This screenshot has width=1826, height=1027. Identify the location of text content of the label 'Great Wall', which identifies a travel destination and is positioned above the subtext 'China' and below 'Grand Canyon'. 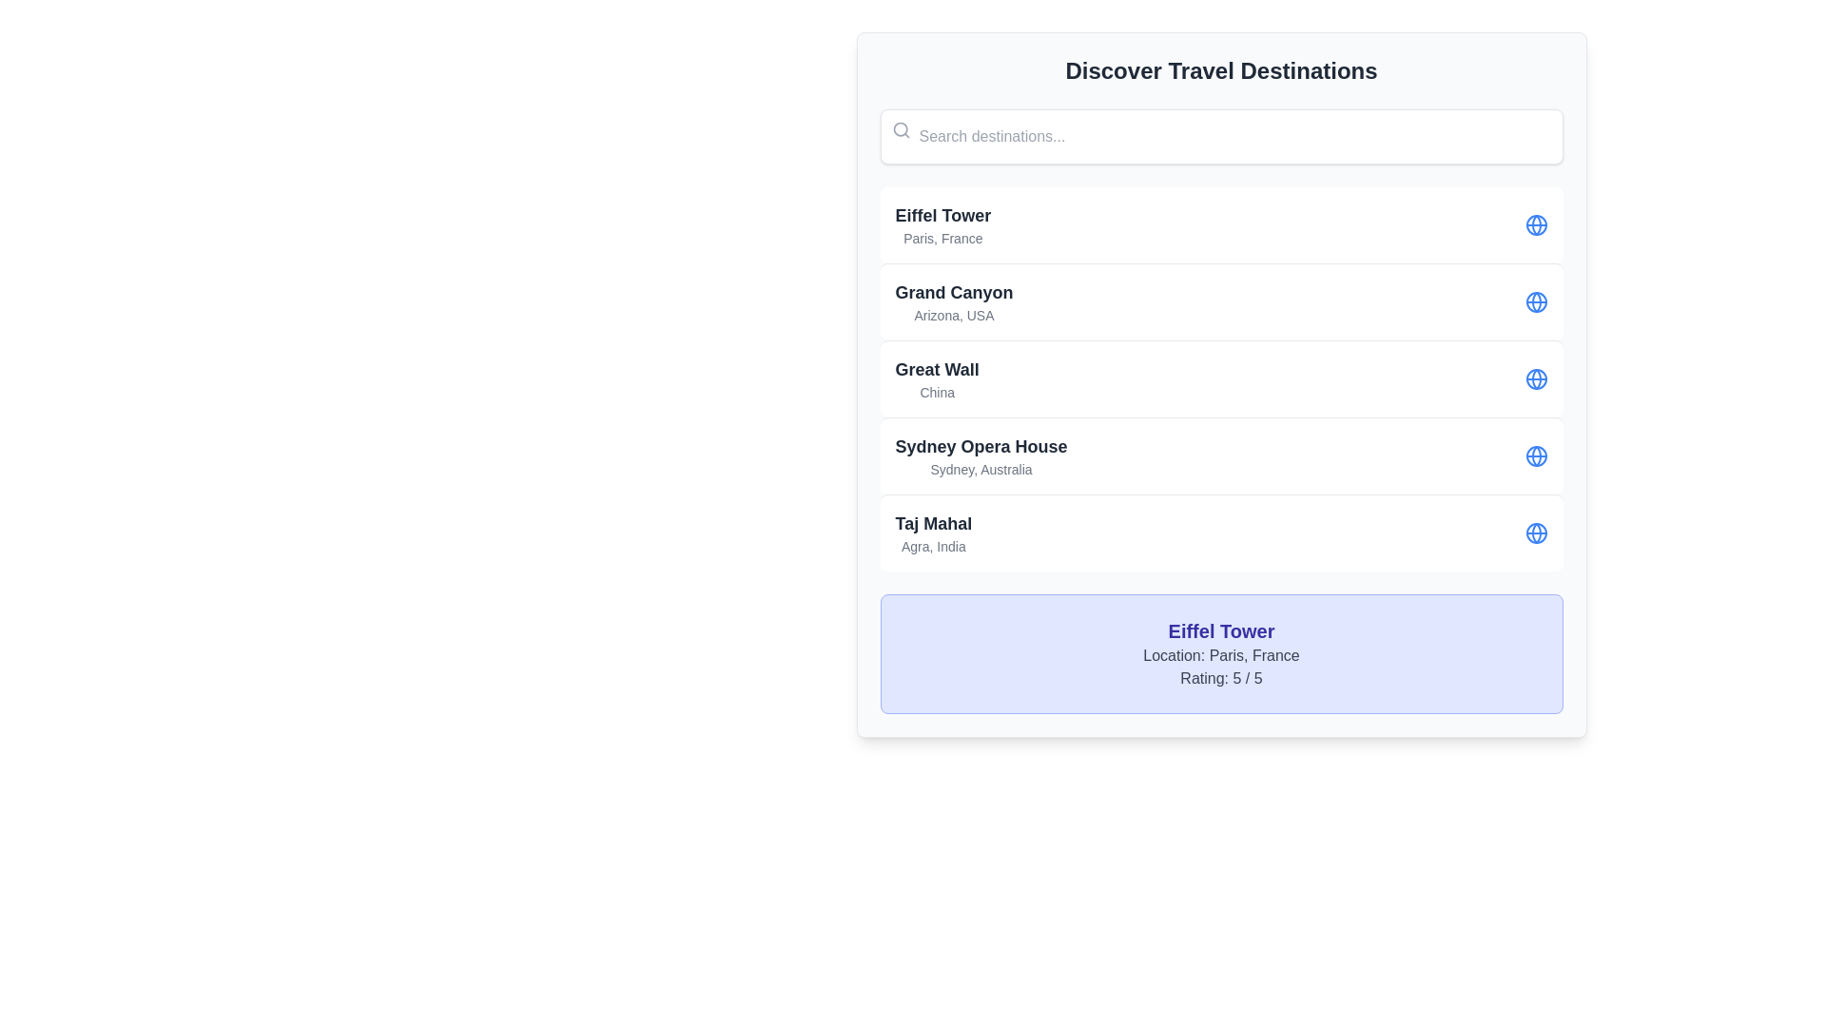
(937, 370).